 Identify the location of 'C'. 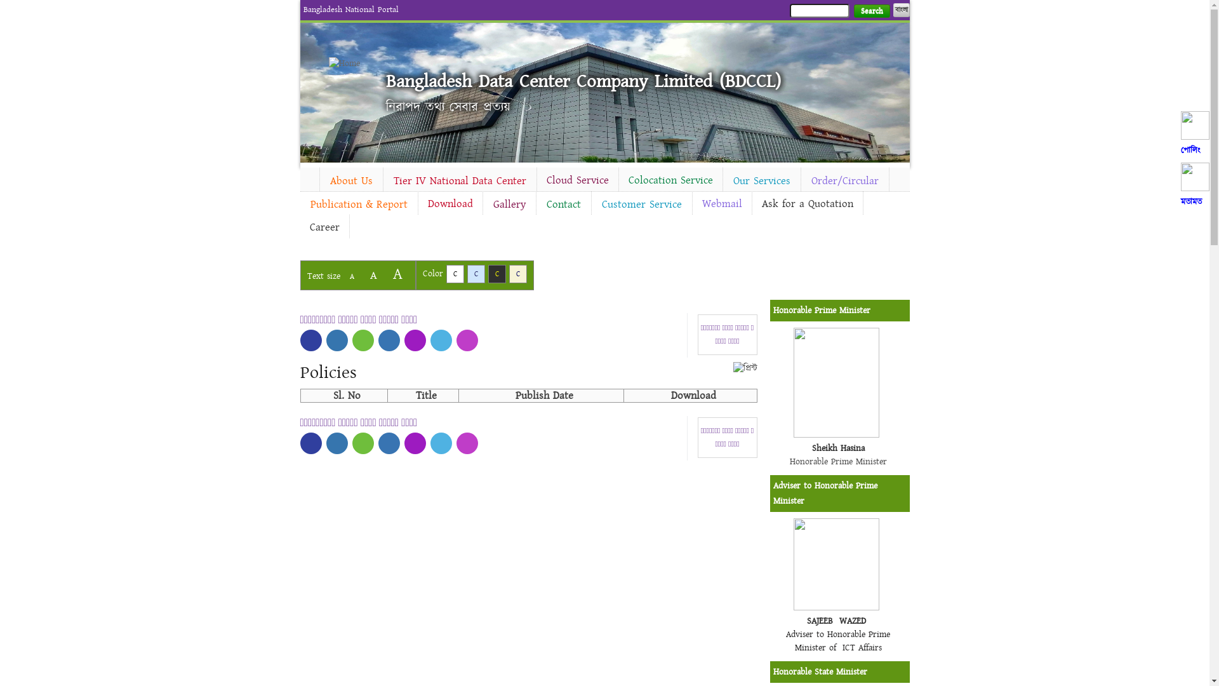
(475, 273).